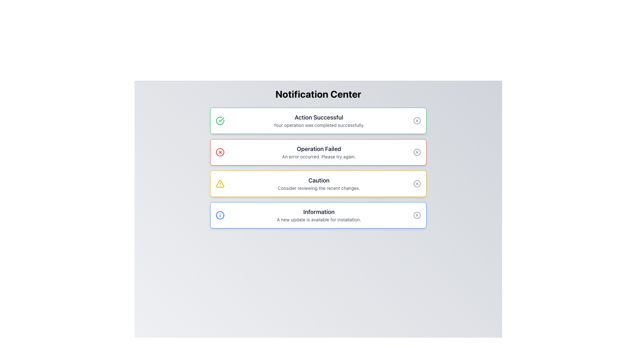  I want to click on the success message title text label in the Notification Center, which indicates the success of the user's action, so click(319, 118).